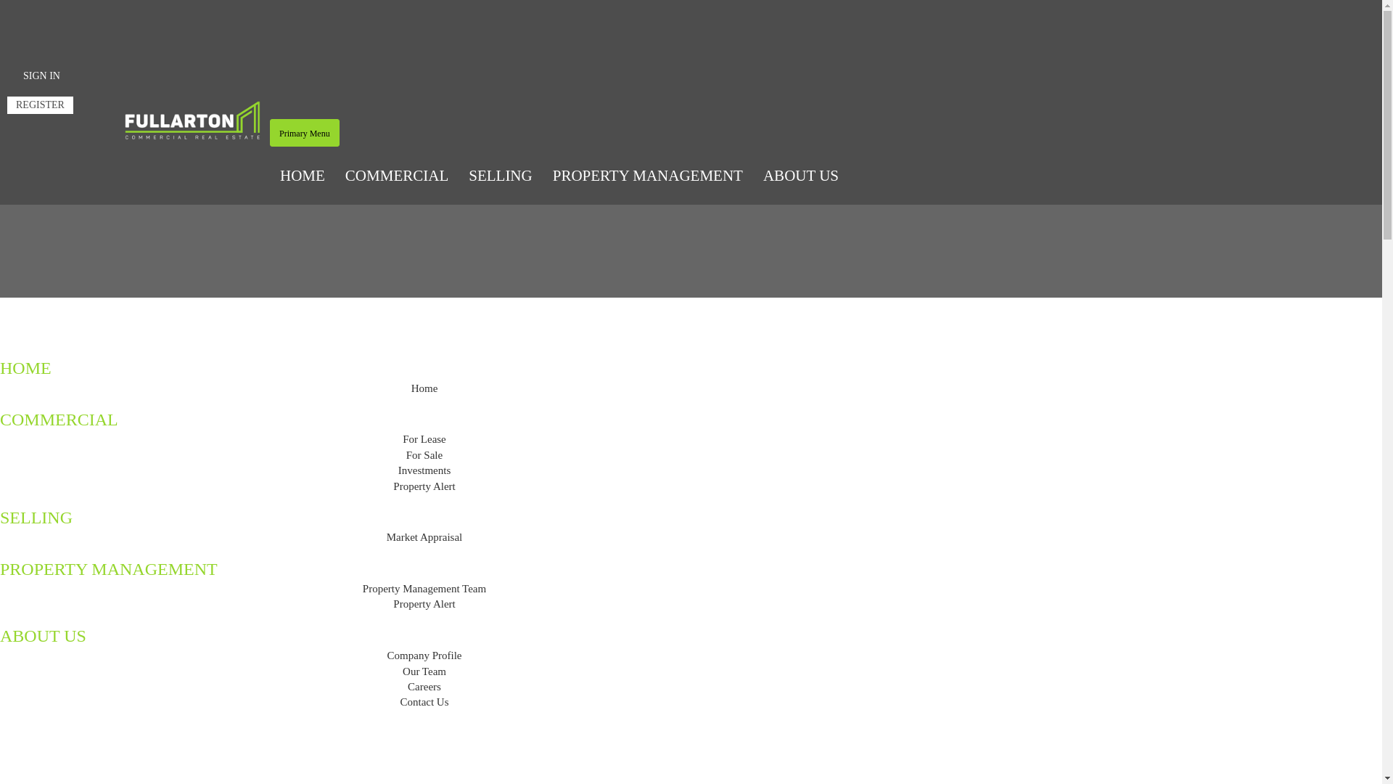  Describe the element at coordinates (7, 105) in the screenshot. I see `'REGISTER'` at that location.